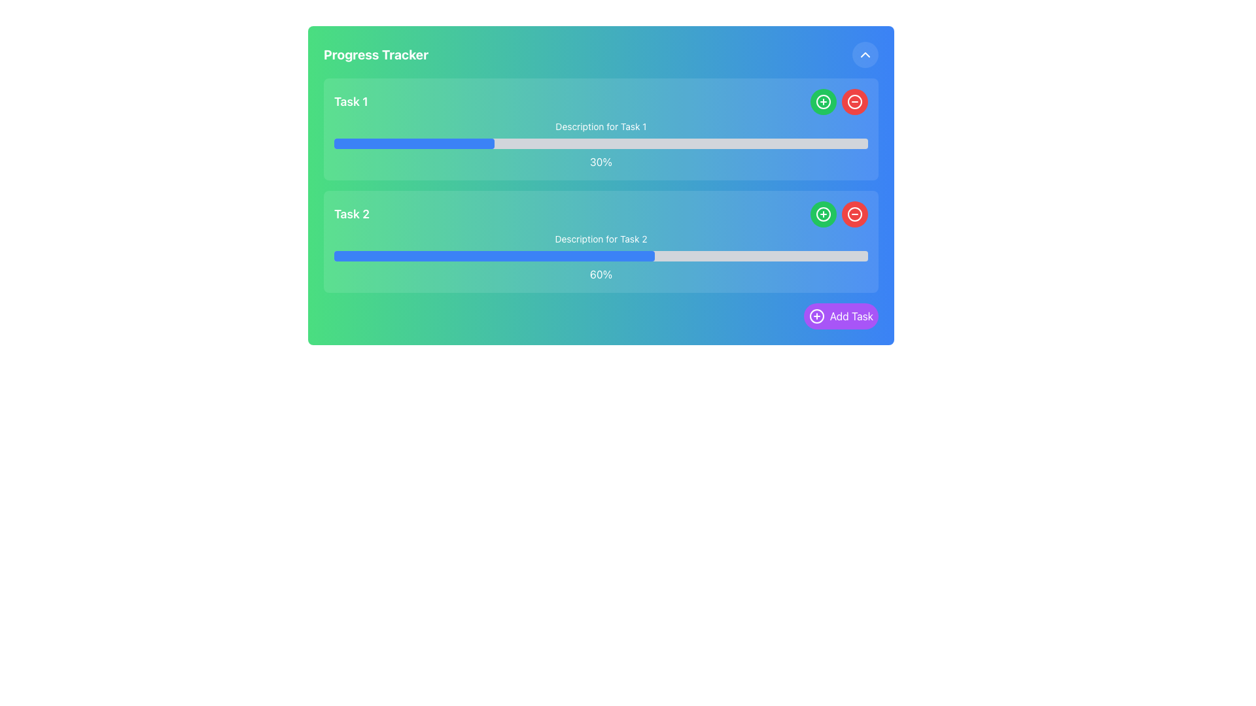 The height and width of the screenshot is (706, 1256). What do you see at coordinates (822, 213) in the screenshot?
I see `the circle element within the SVG that represents the 'add task' button, located near the top-right corner of the 'Task 1' card` at bounding box center [822, 213].